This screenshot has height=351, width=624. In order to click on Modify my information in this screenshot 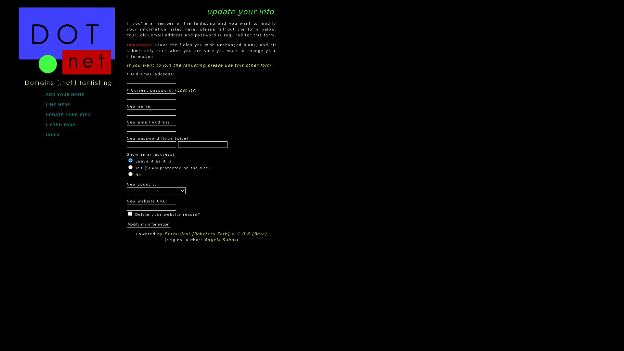, I will do `click(148, 224)`.